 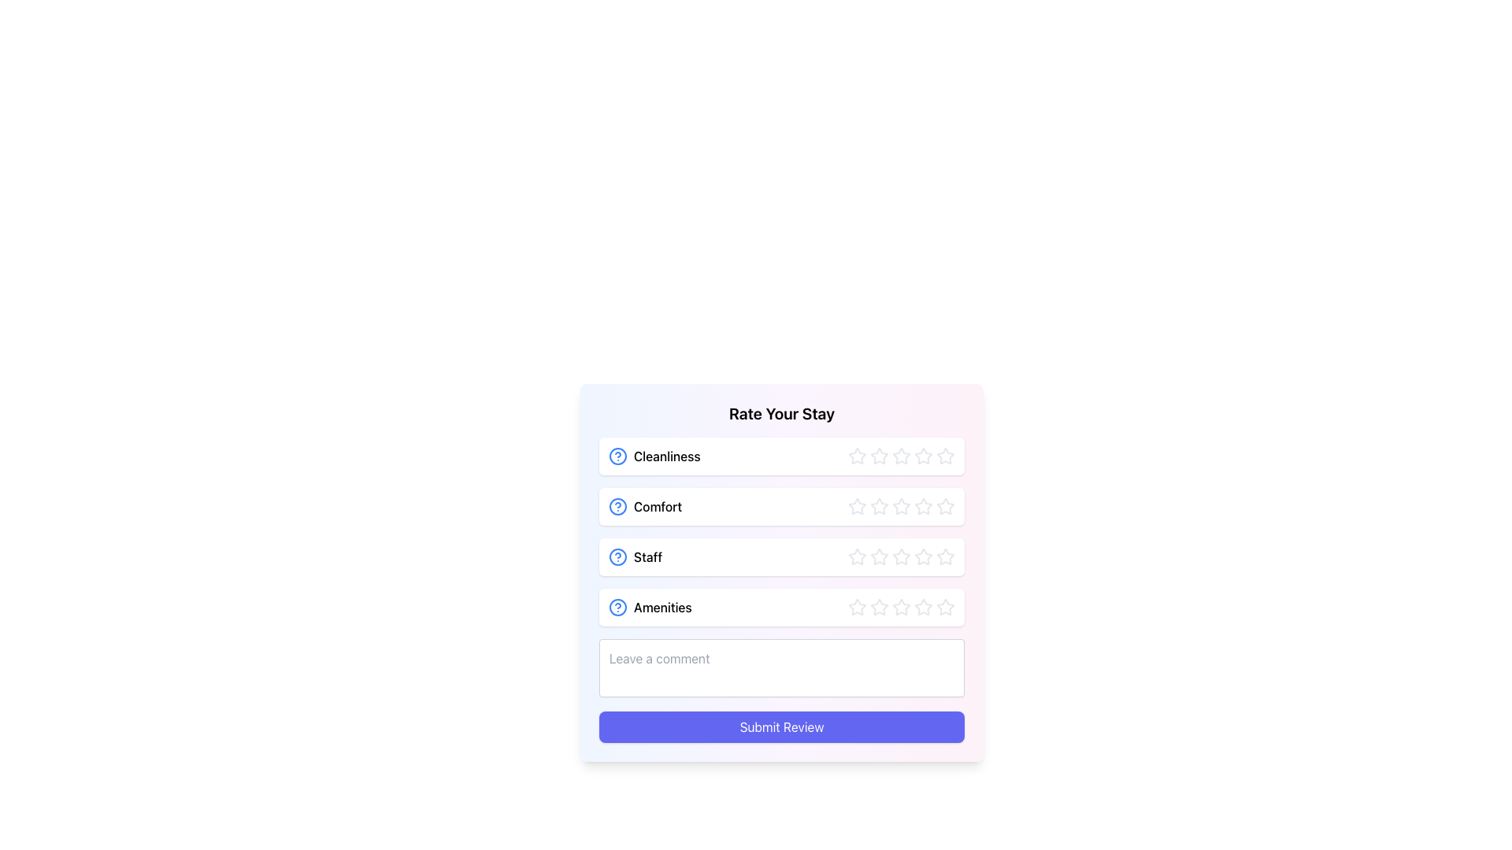 I want to click on the Help Icon, which is a circular icon with a blue outline and a blue question mark, located as the leftmost item in the 'Staff' row of the 'Rate Your Stay' list, so click(x=617, y=556).